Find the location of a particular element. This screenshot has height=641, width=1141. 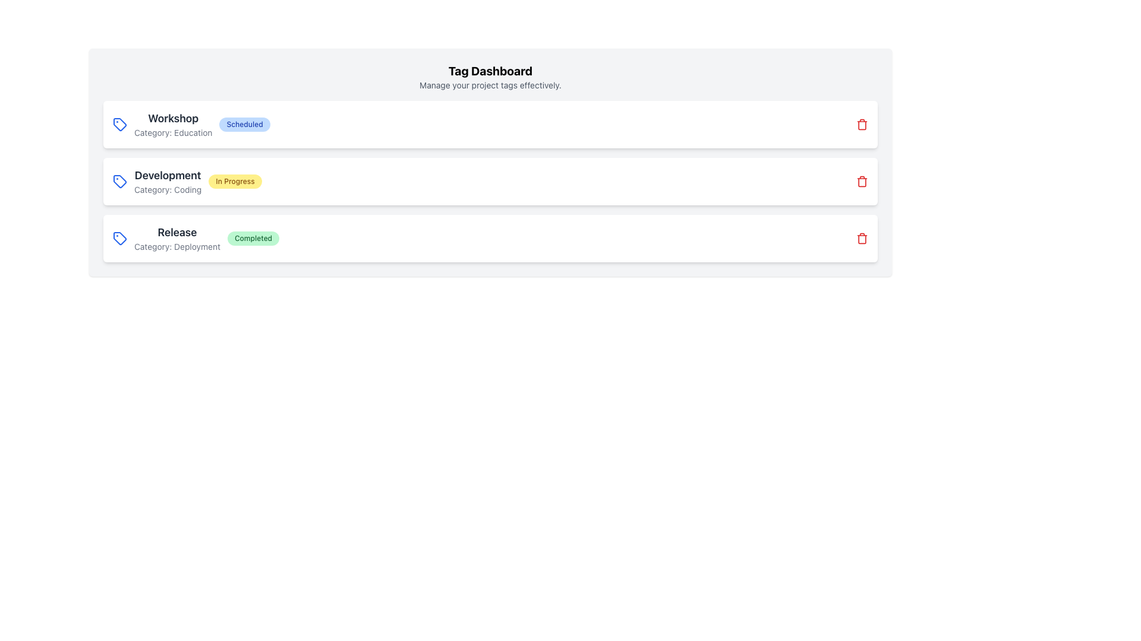

the status indicator label that shows 'In Progress', located to the right of the 'Development' text section in the second row of the list, next to 'Category: Coding' is located at coordinates (235, 181).